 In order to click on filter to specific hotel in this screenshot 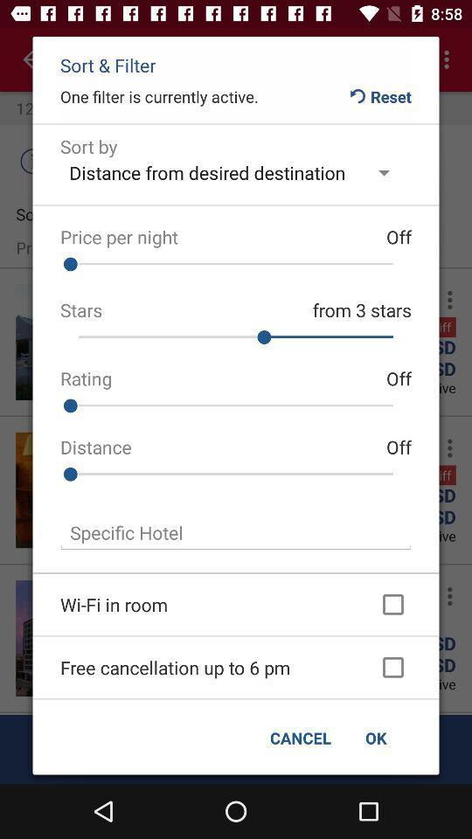, I will do `click(236, 531)`.